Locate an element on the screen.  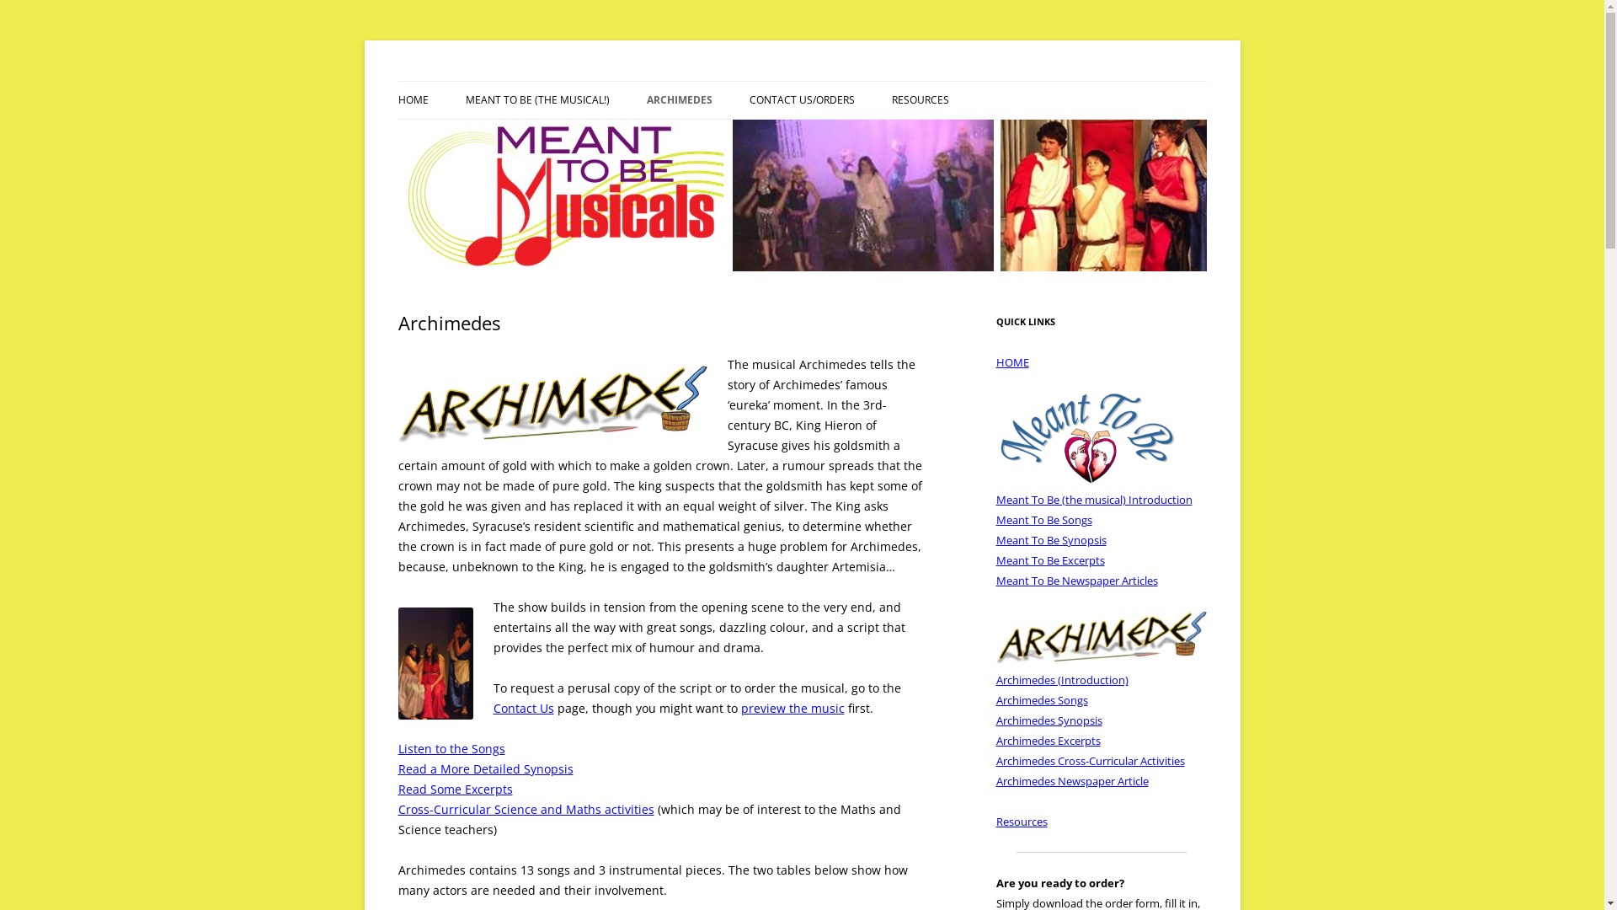
'Contact Us' is located at coordinates (523, 708).